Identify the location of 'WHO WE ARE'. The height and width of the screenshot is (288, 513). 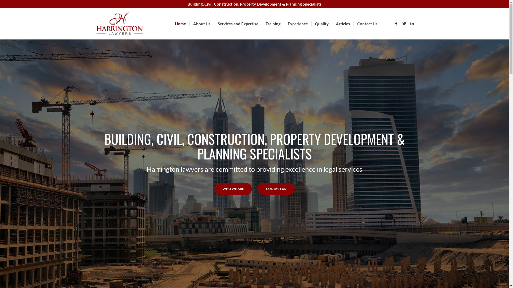
(214, 189).